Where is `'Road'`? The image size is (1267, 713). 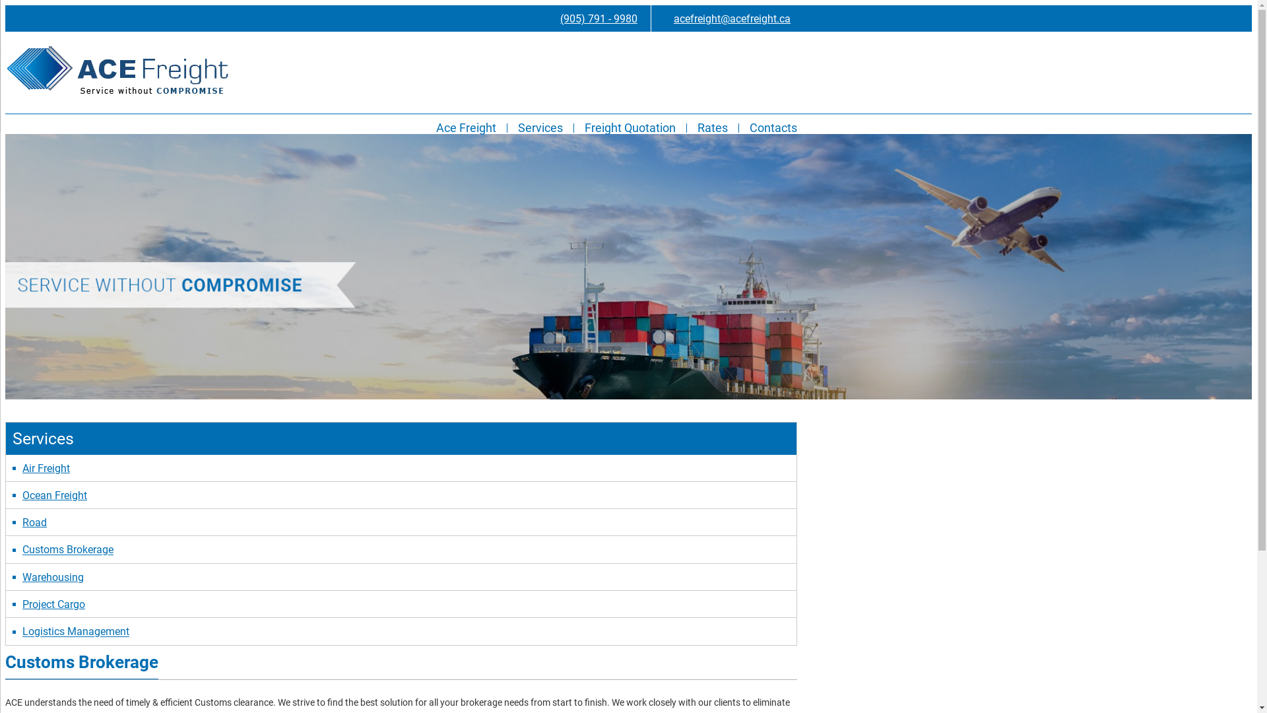
'Road' is located at coordinates (34, 522).